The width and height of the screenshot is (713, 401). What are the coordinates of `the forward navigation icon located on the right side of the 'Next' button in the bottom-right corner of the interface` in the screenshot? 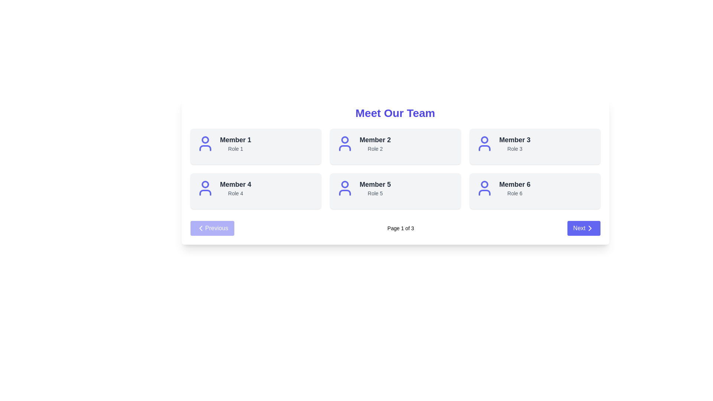 It's located at (589, 228).